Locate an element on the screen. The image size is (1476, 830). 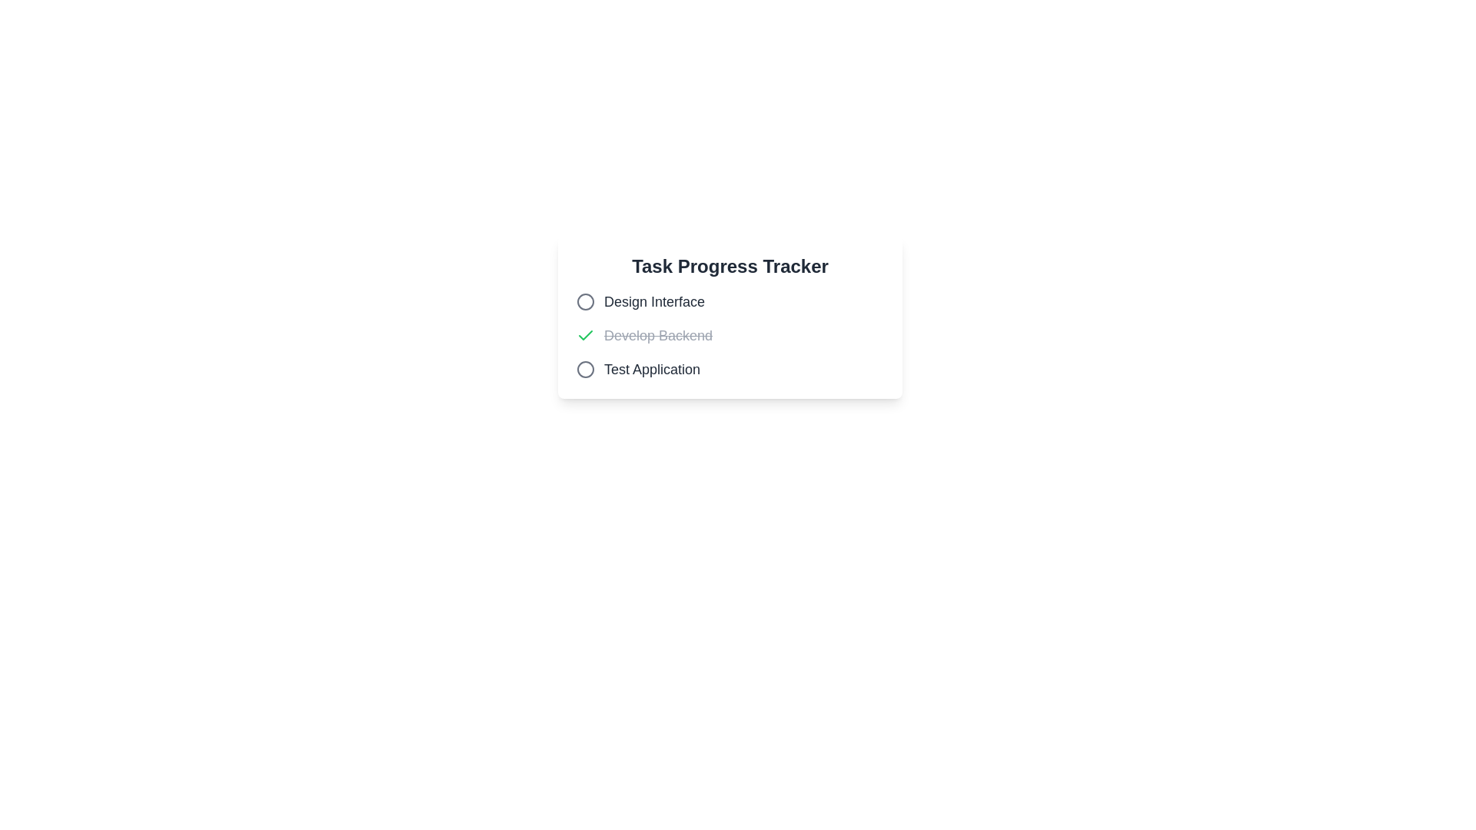
the completed task labeled 'Develop Backend' in the Task Progress Tracker list, which is marked with a strikethrough style is located at coordinates (658, 334).